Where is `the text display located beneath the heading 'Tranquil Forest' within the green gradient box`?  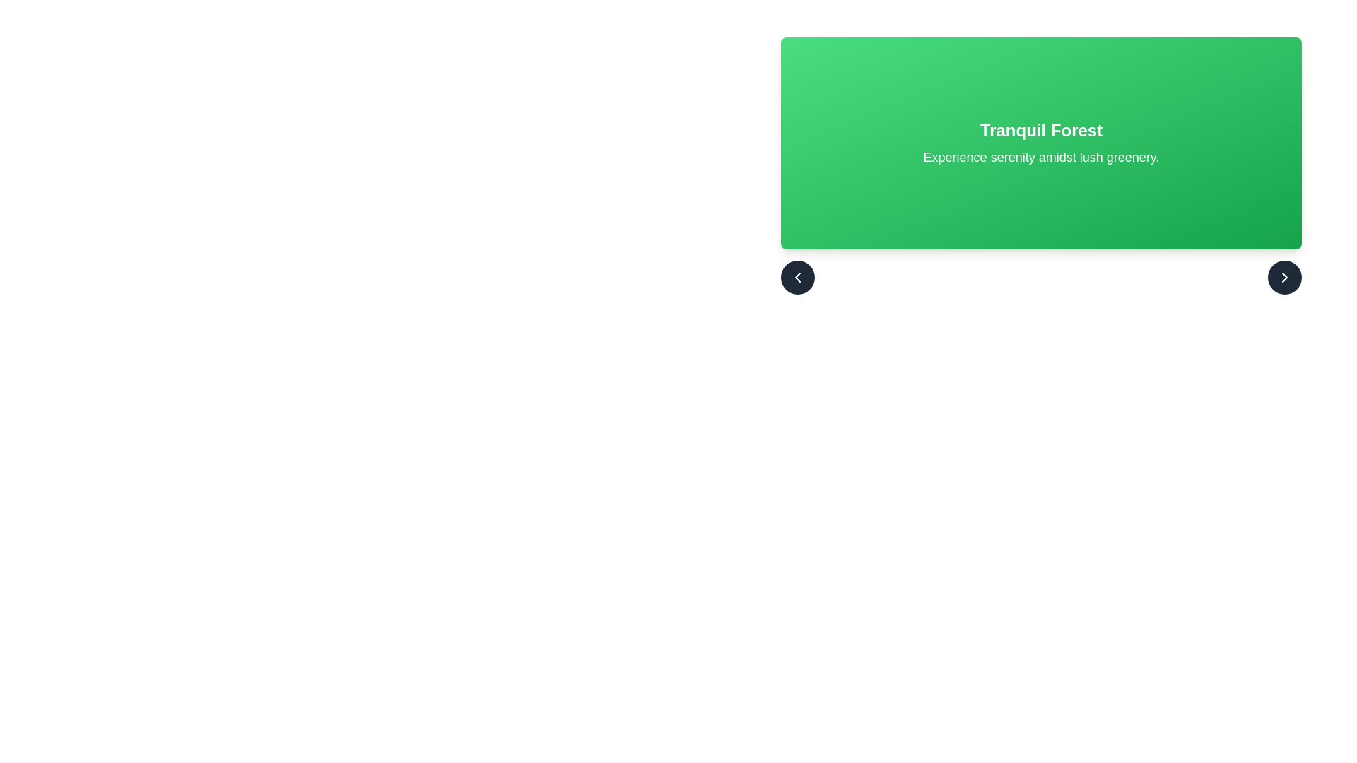
the text display located beneath the heading 'Tranquil Forest' within the green gradient box is located at coordinates (1041, 158).